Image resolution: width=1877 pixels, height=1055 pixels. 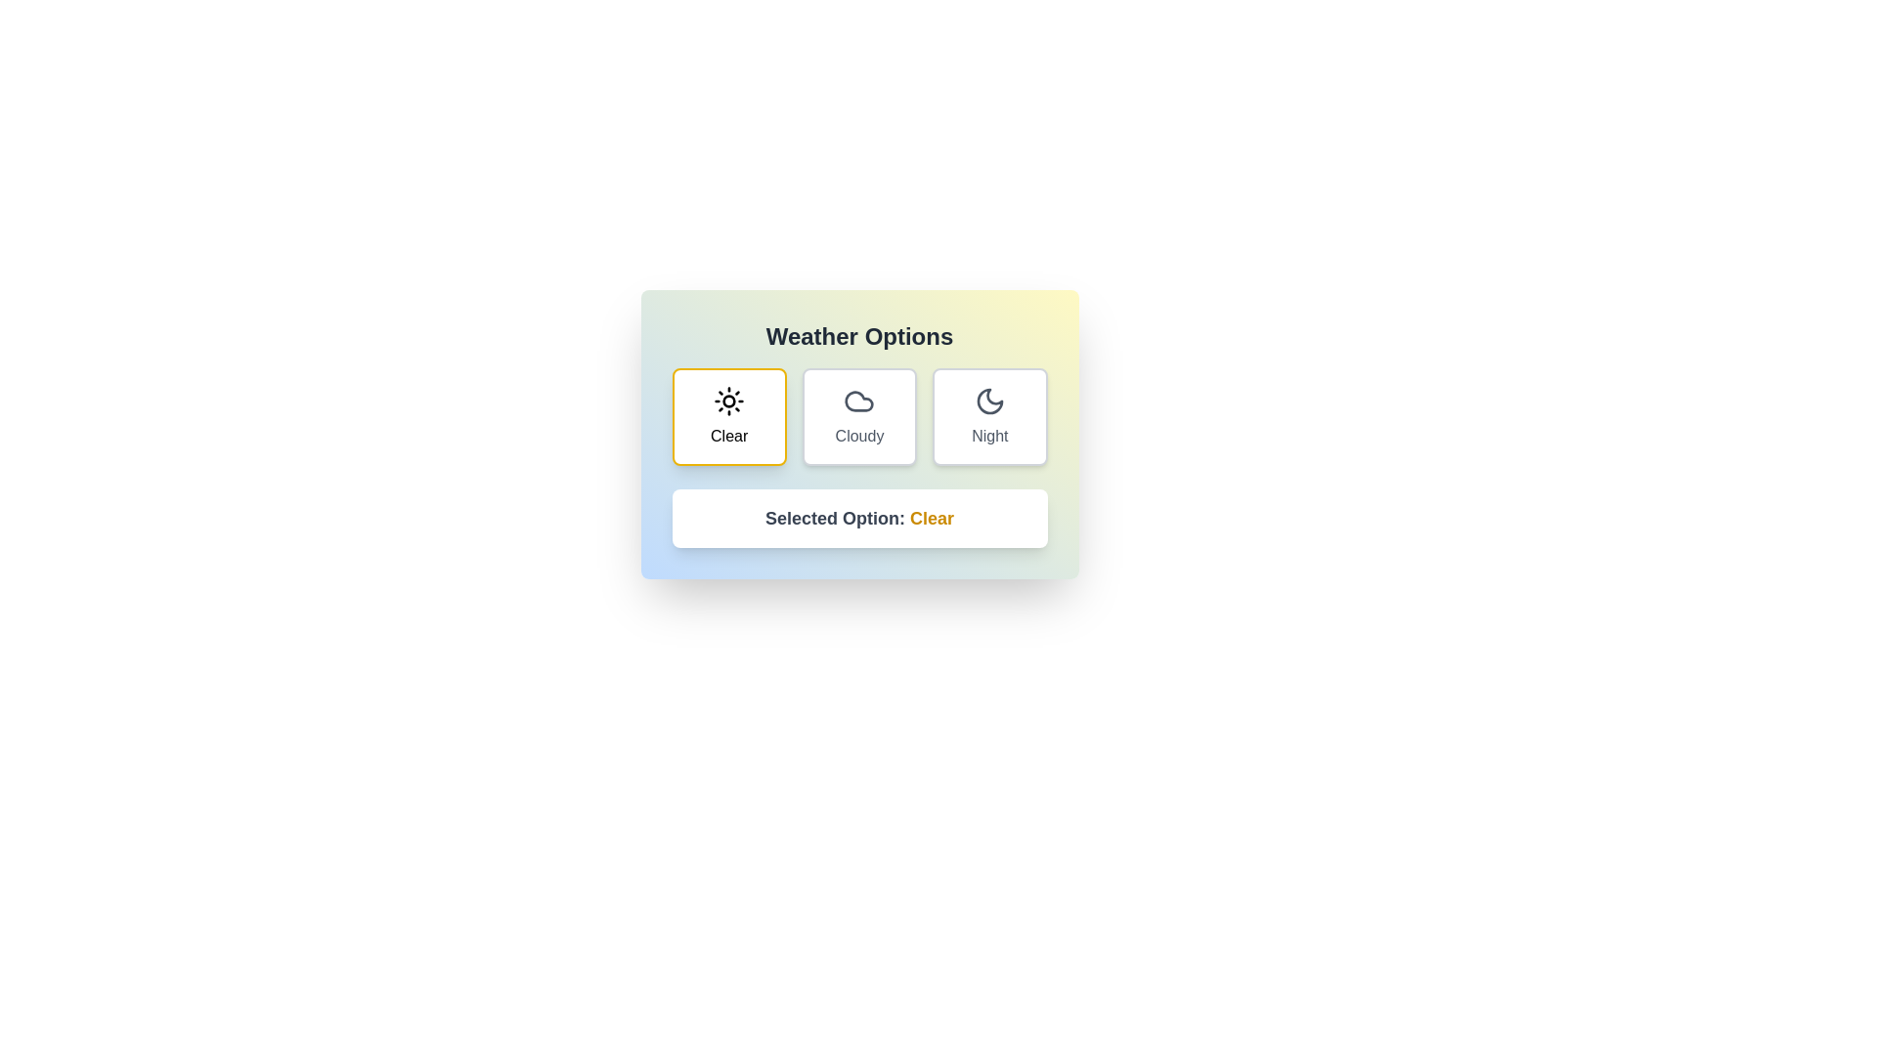 What do you see at coordinates (989, 401) in the screenshot?
I see `the Decorative Icon representing the 'Night' option in the weather selection interface, located within a rounded rectangular button labeled 'Night'` at bounding box center [989, 401].